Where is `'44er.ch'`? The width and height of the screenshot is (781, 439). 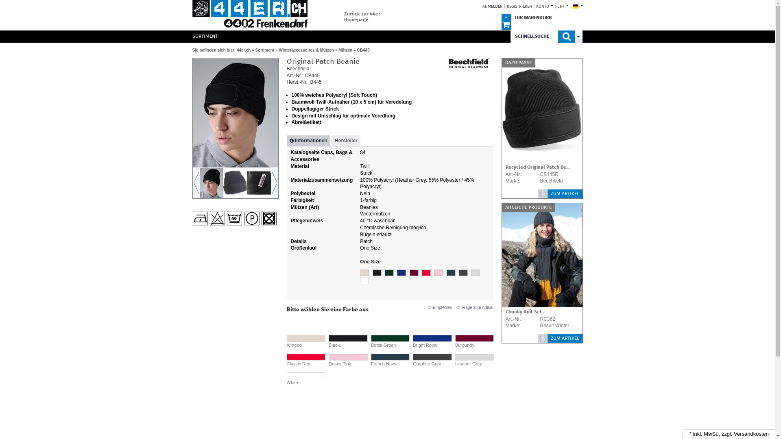 '44er.ch' is located at coordinates (249, 15).